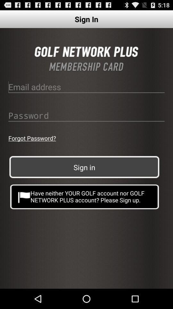 The image size is (173, 309). I want to click on the forgot password?, so click(32, 138).